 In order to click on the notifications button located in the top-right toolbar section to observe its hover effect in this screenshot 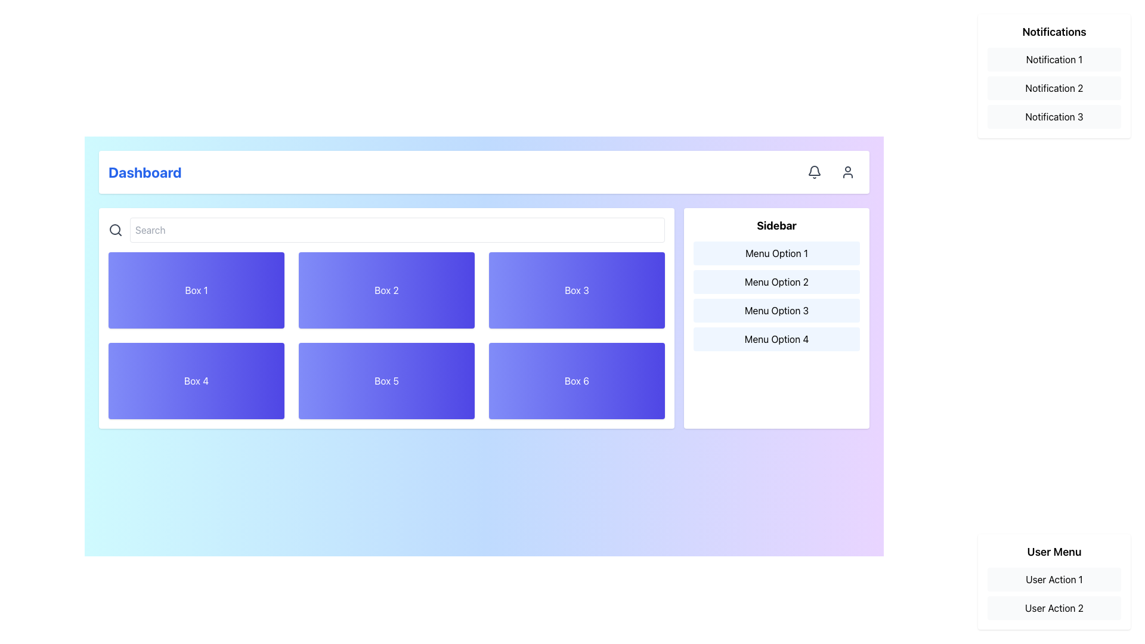, I will do `click(814, 172)`.